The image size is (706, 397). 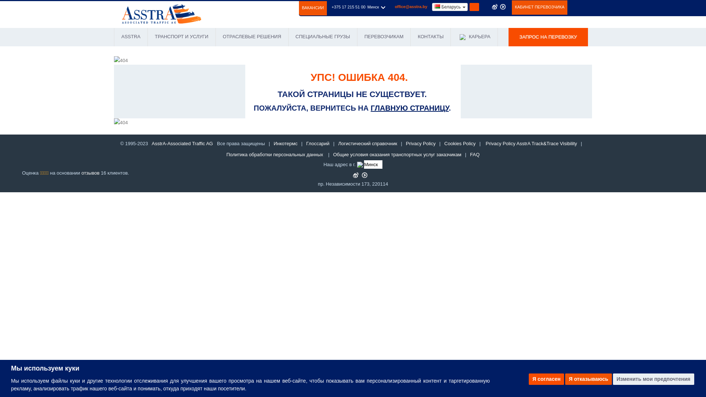 What do you see at coordinates (531, 143) in the screenshot?
I see `'Privacy Policy AsstrA Track&Trace Visibility'` at bounding box center [531, 143].